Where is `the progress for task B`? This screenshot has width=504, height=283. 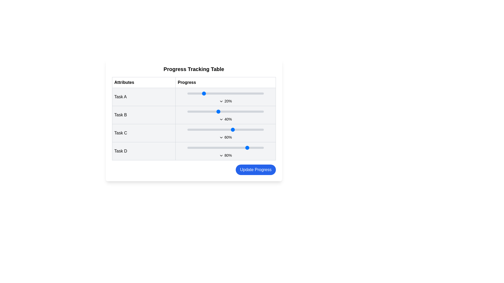 the progress for task B is located at coordinates (238, 111).